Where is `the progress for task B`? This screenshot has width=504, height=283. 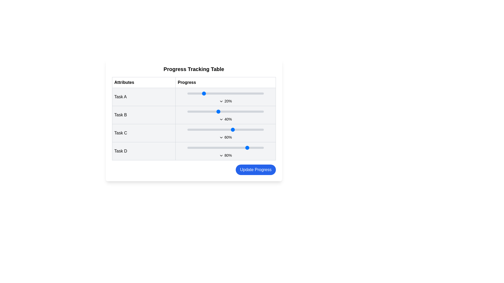 the progress for task B is located at coordinates (238, 111).